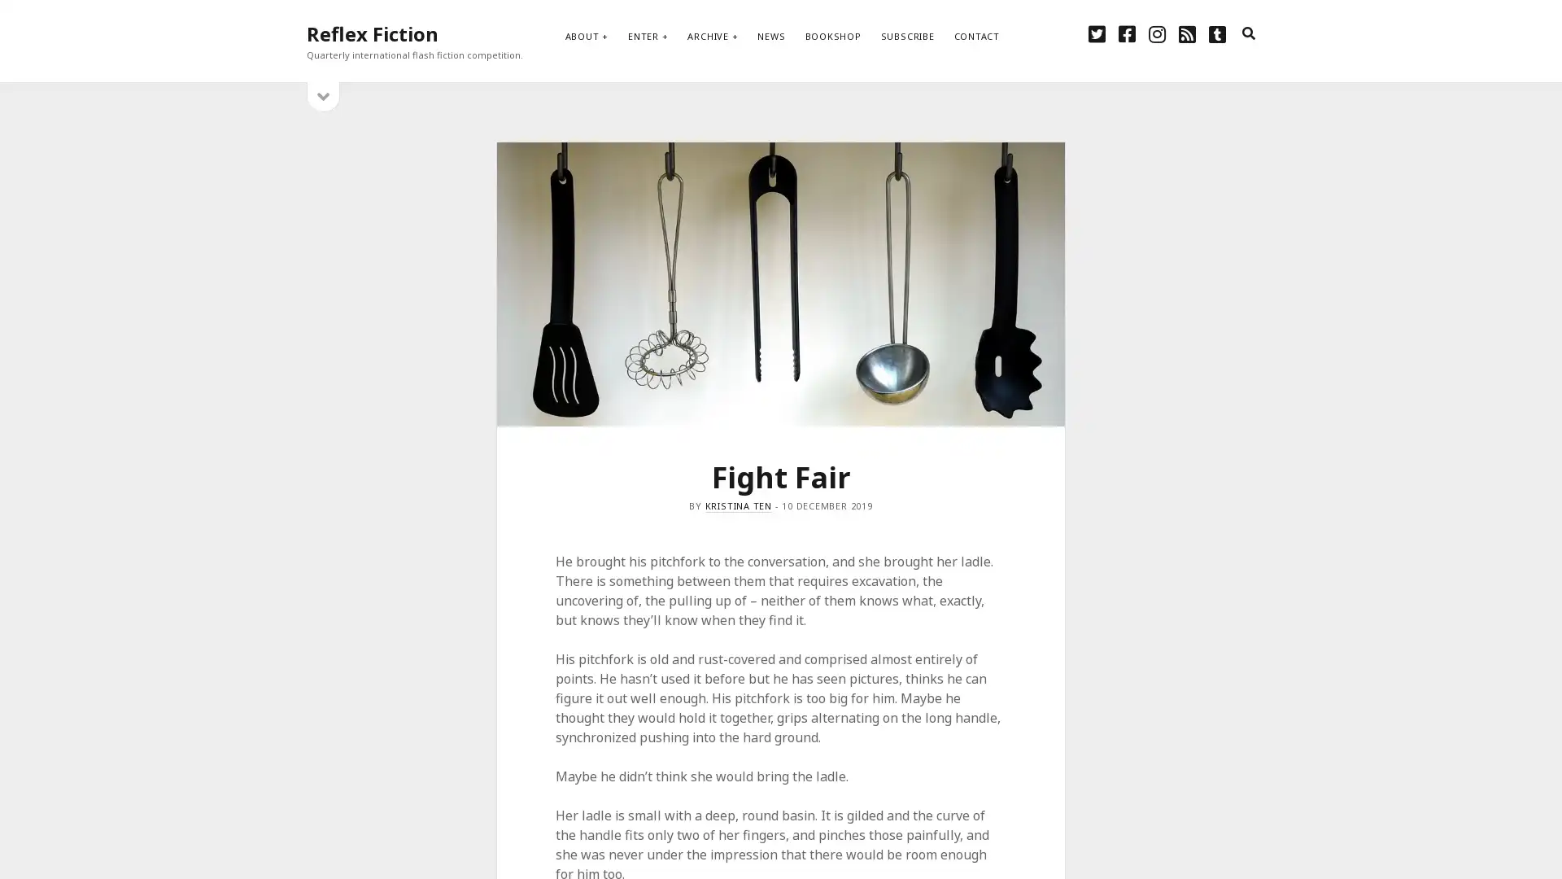 This screenshot has width=1562, height=879. Describe the element at coordinates (322, 97) in the screenshot. I see `open sidebar` at that location.